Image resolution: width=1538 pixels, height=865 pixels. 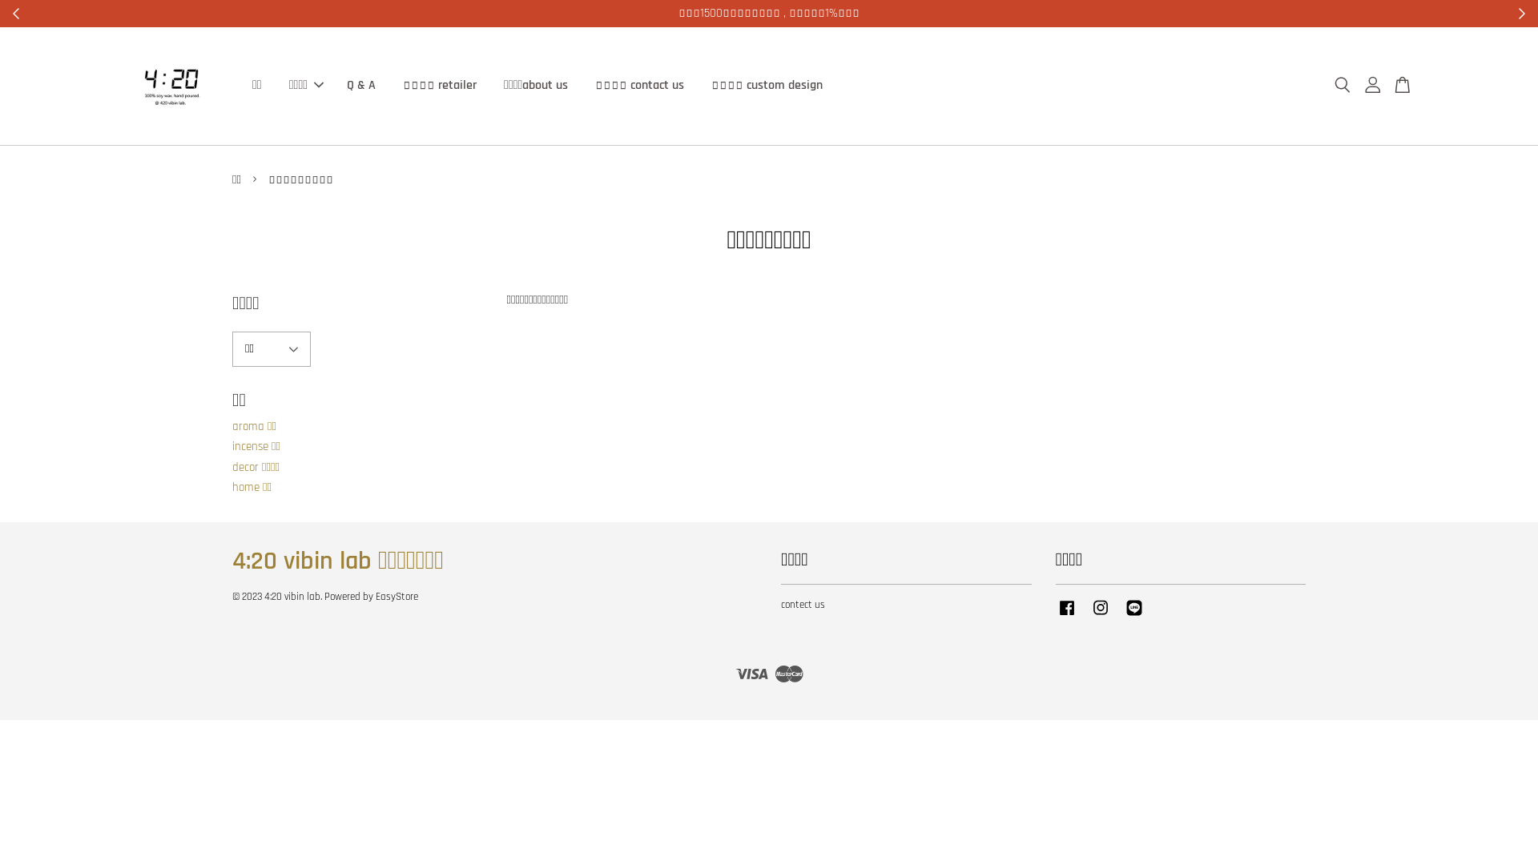 What do you see at coordinates (1066, 614) in the screenshot?
I see `'icon-facebook` at bounding box center [1066, 614].